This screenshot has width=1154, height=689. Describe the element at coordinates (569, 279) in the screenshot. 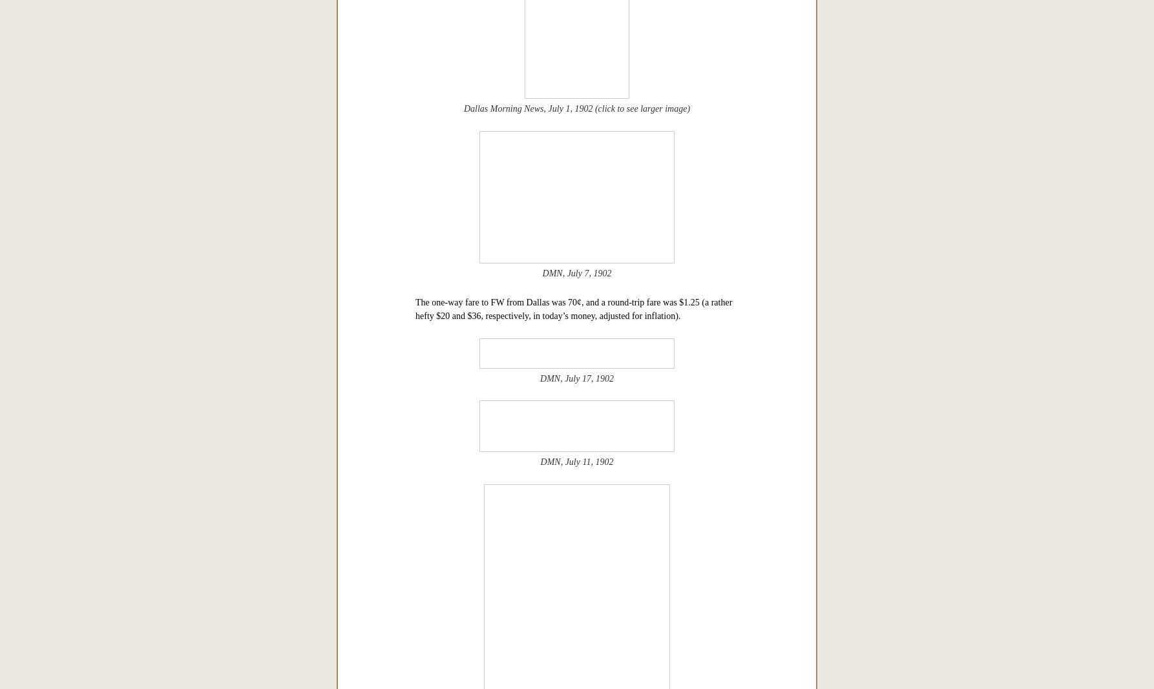

I see `'A few newspaper snippets from the first month following of the launch of the Dallas-Fort Worth interurban service.'` at that location.